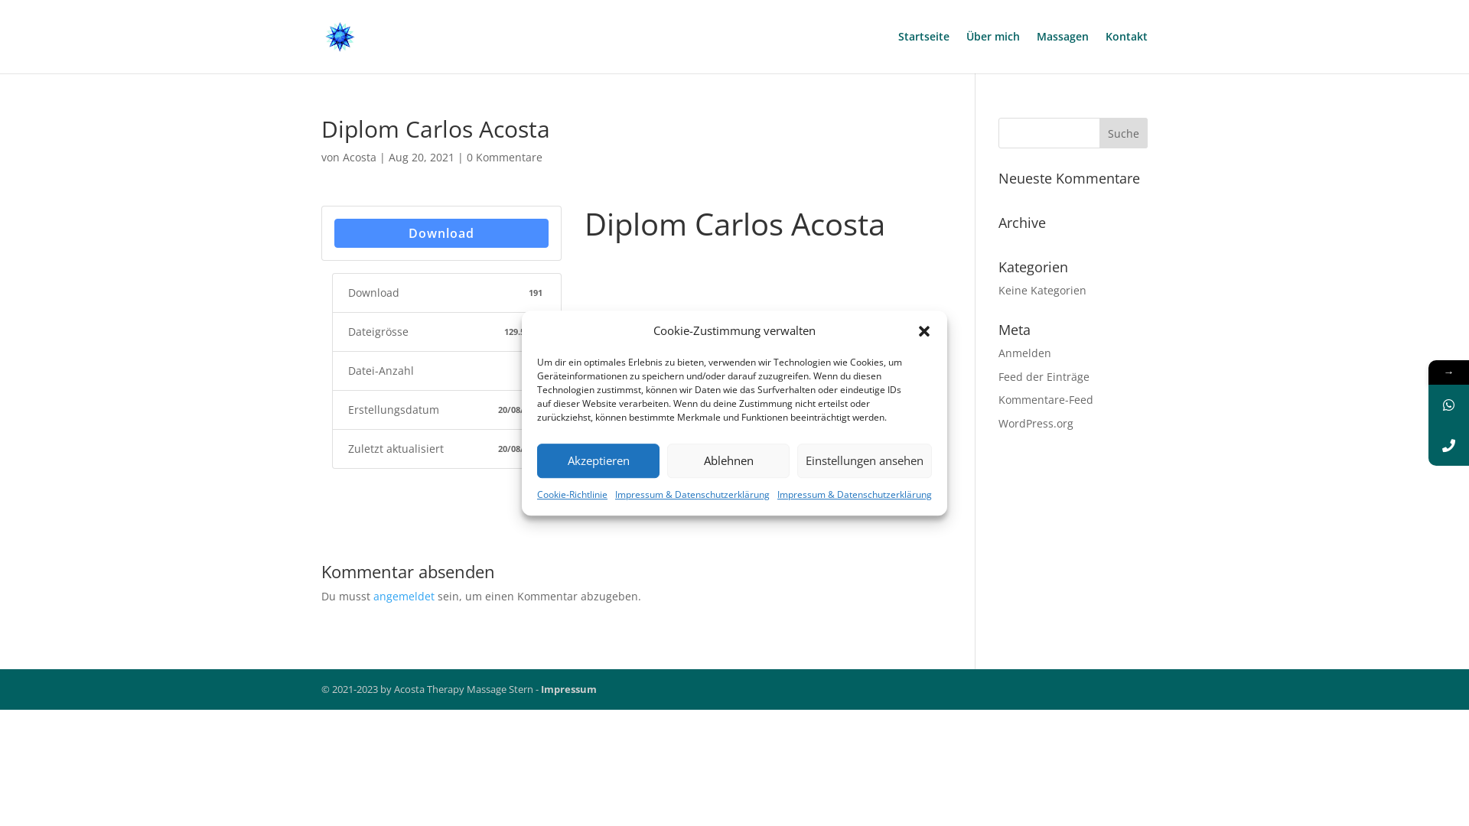  What do you see at coordinates (440, 233) in the screenshot?
I see `'Download'` at bounding box center [440, 233].